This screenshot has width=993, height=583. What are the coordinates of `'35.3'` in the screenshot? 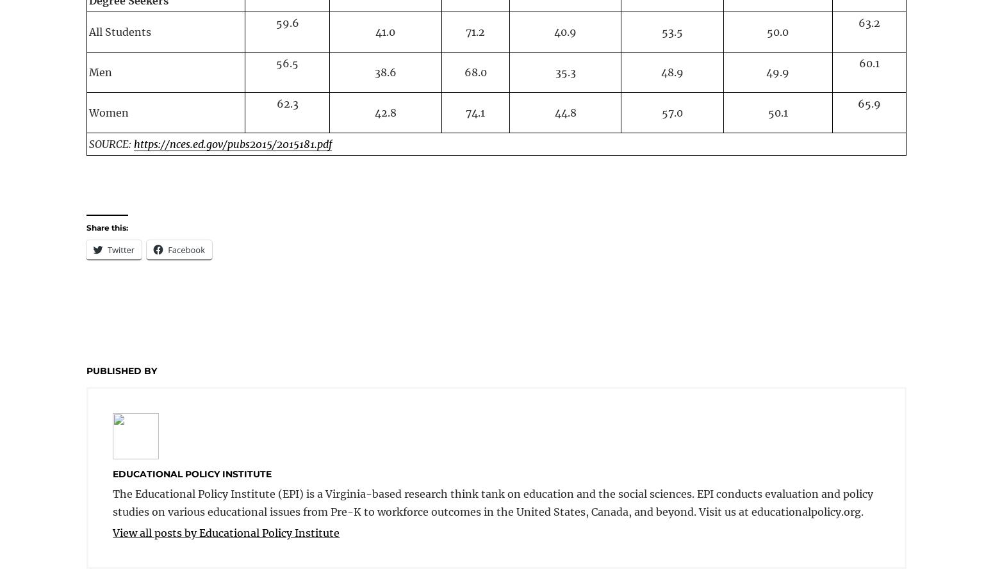 It's located at (564, 72).